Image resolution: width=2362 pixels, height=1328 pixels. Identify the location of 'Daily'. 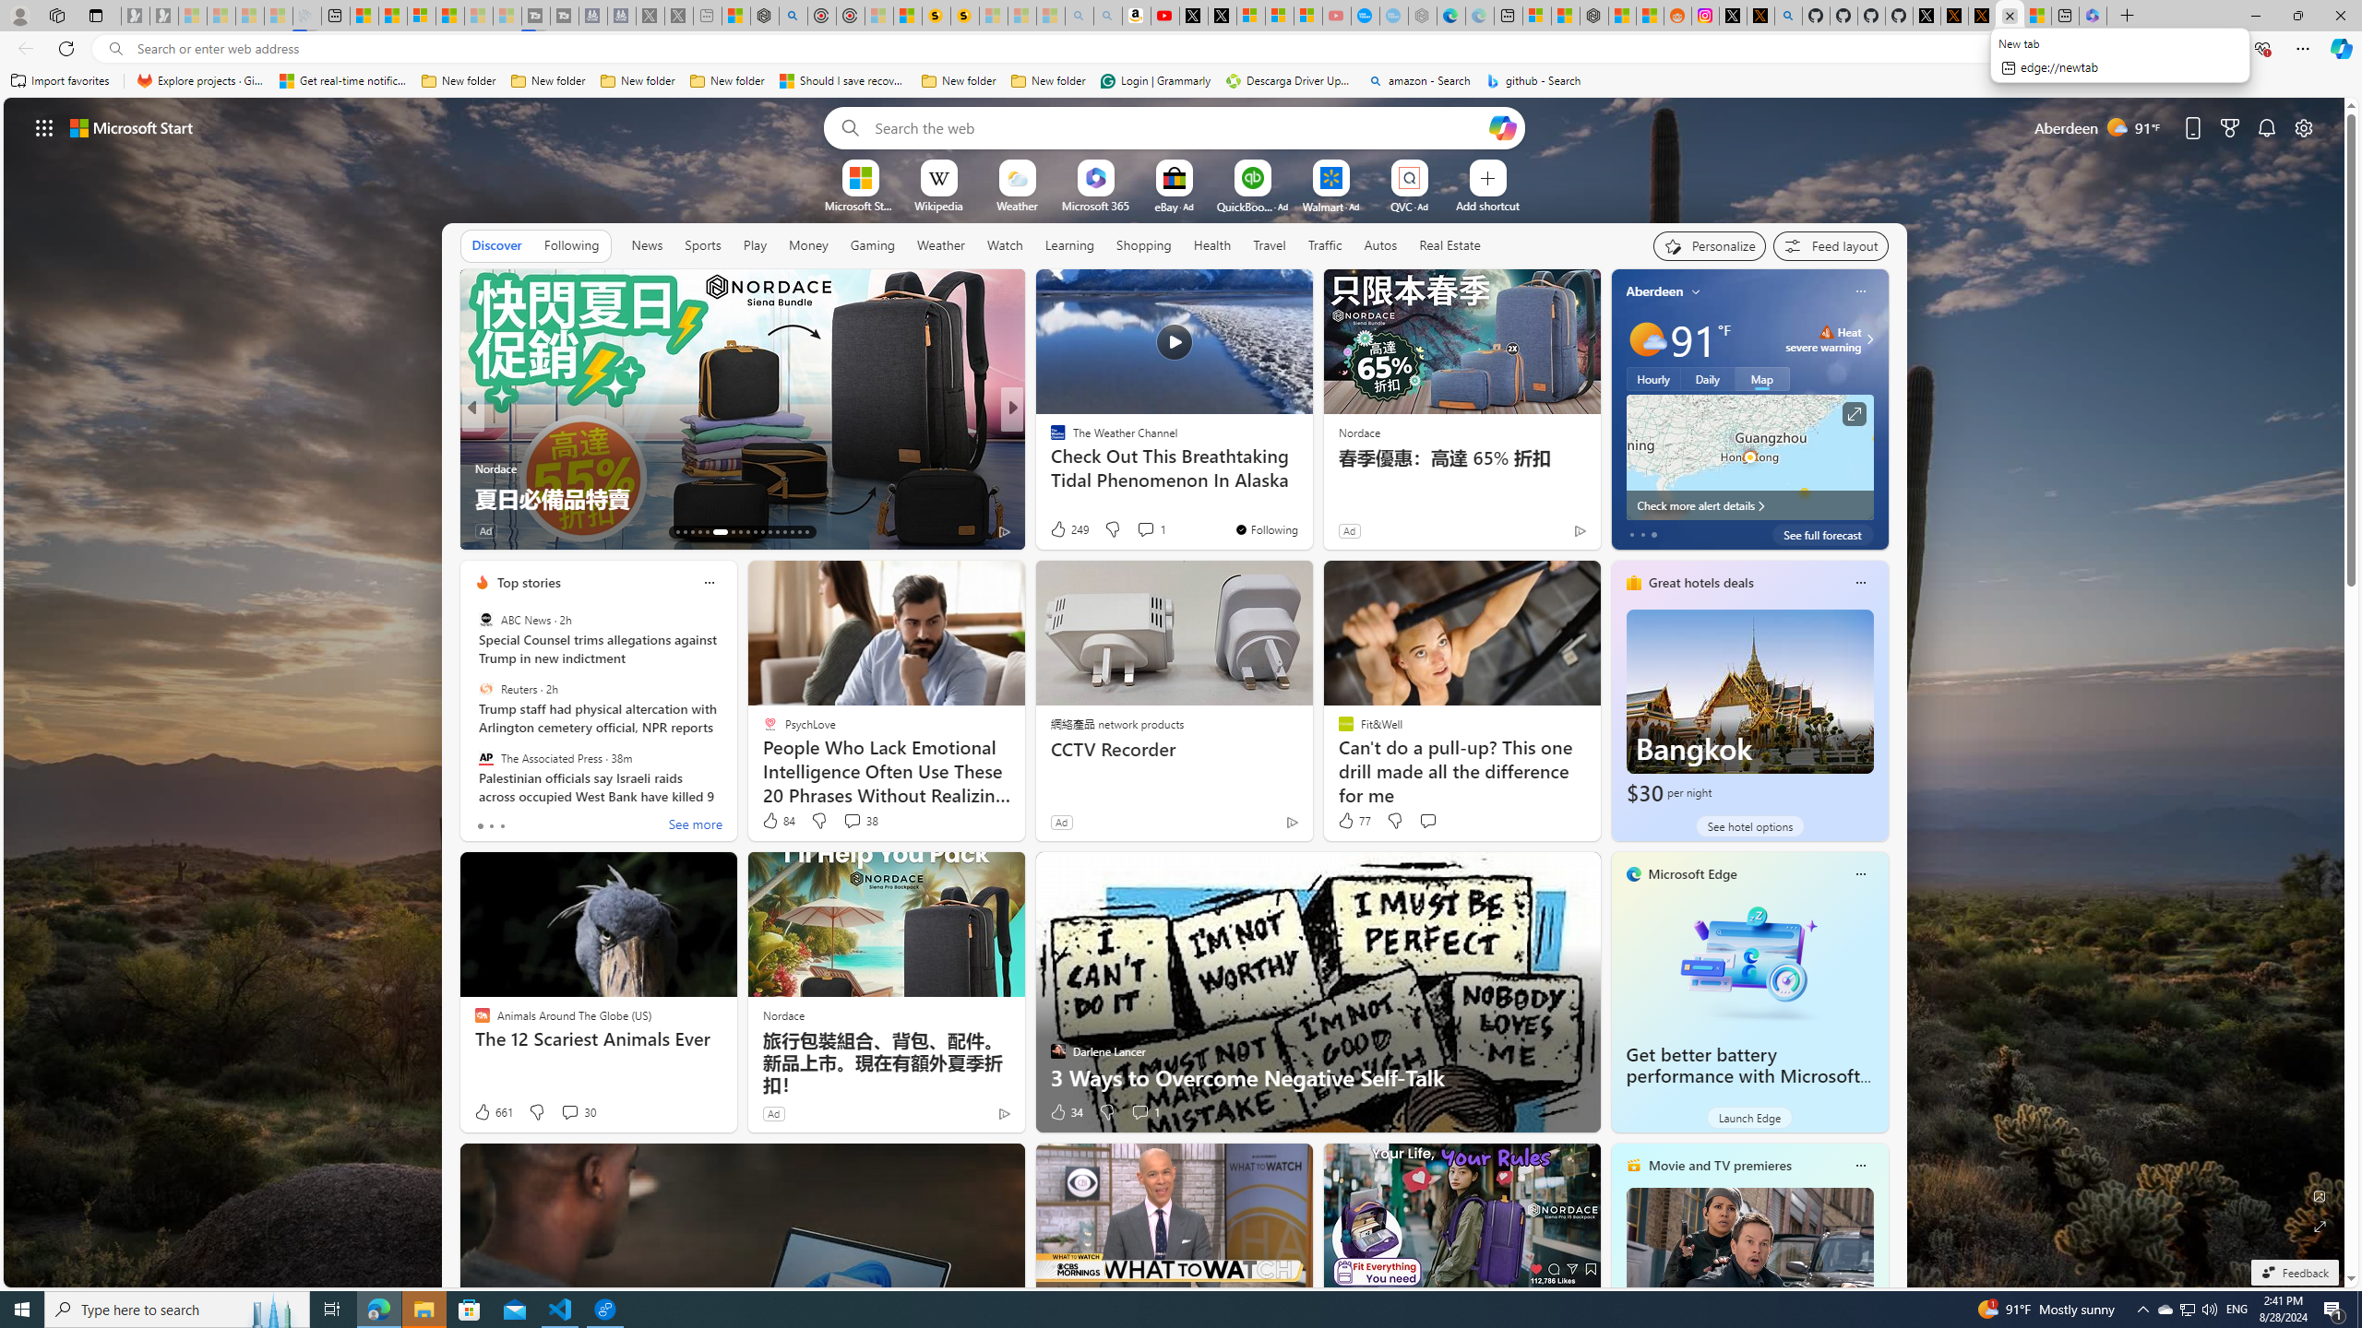
(1707, 377).